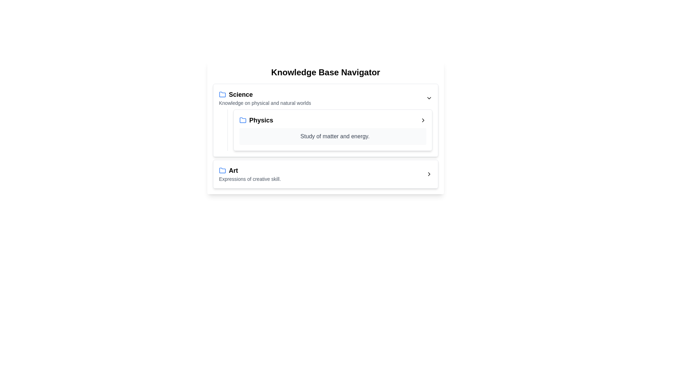  I want to click on the right-pointing chevron icon located in the 'Physics' section, so click(423, 120).